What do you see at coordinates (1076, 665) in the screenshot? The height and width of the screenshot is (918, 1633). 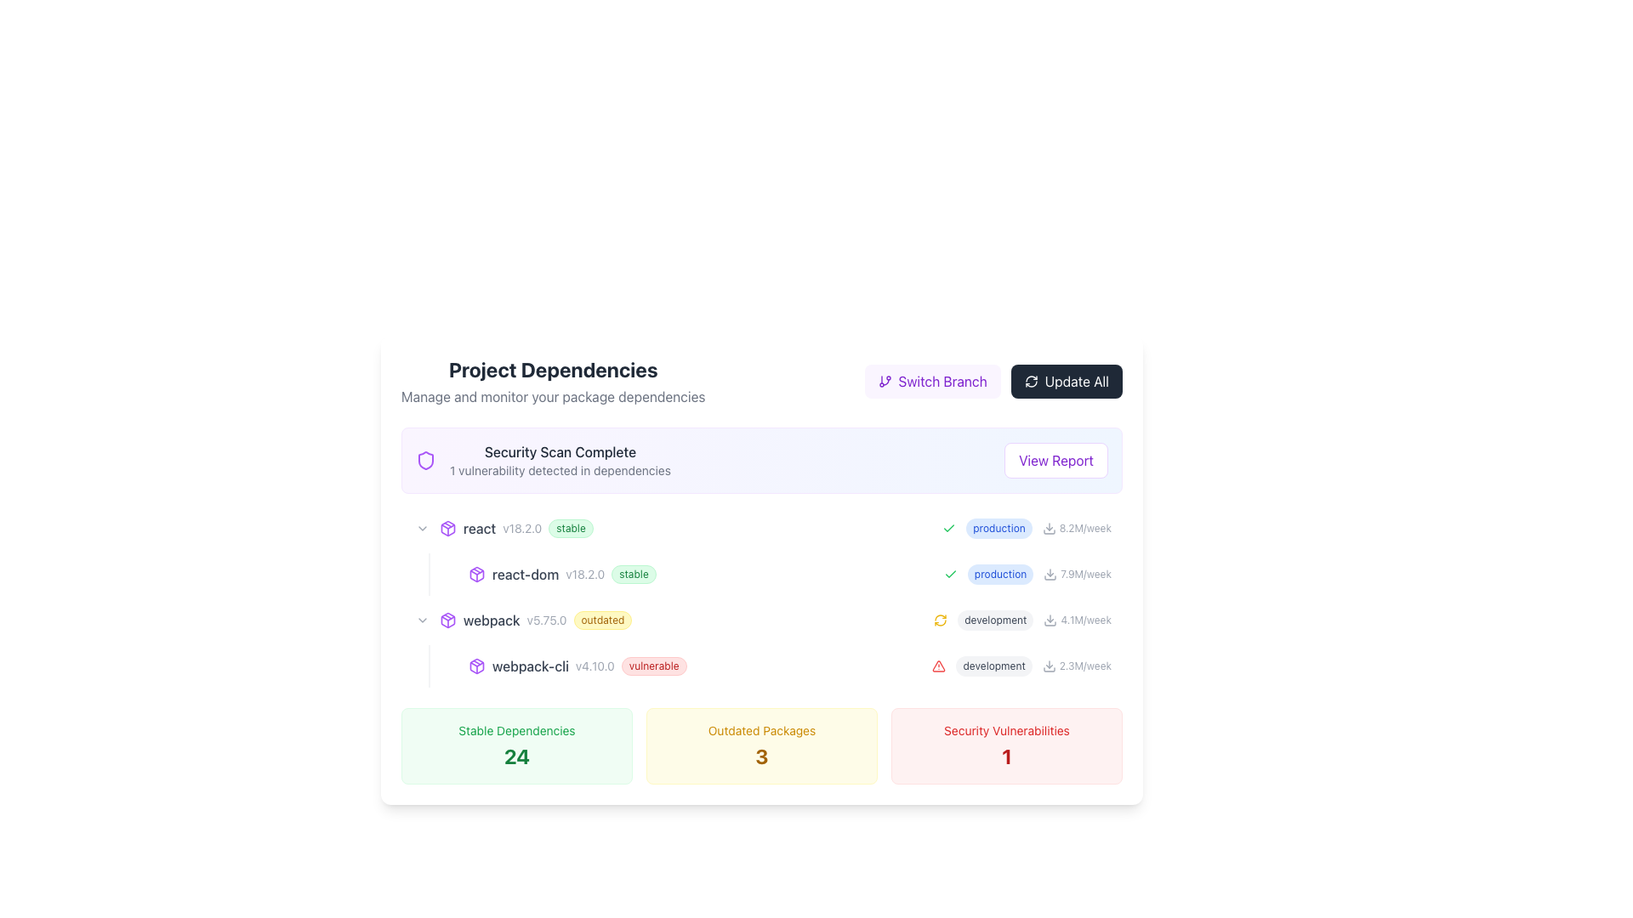 I see `the Text element displaying download statistics for the 'development' category, which is the rightmost element of its row in a table-like structure` at bounding box center [1076, 665].